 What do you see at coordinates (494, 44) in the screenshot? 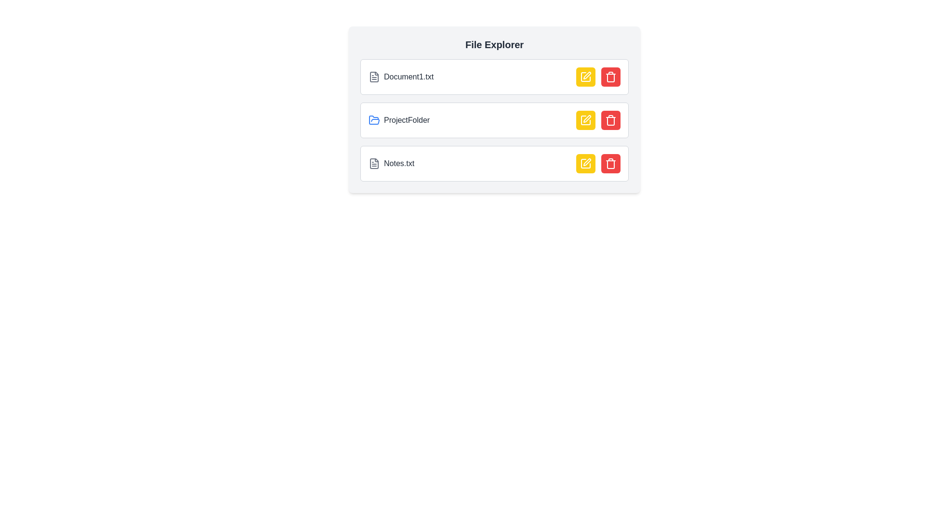
I see `text from the Text Header located at the top of the file explorer interface, which provides context about the displayed content` at bounding box center [494, 44].